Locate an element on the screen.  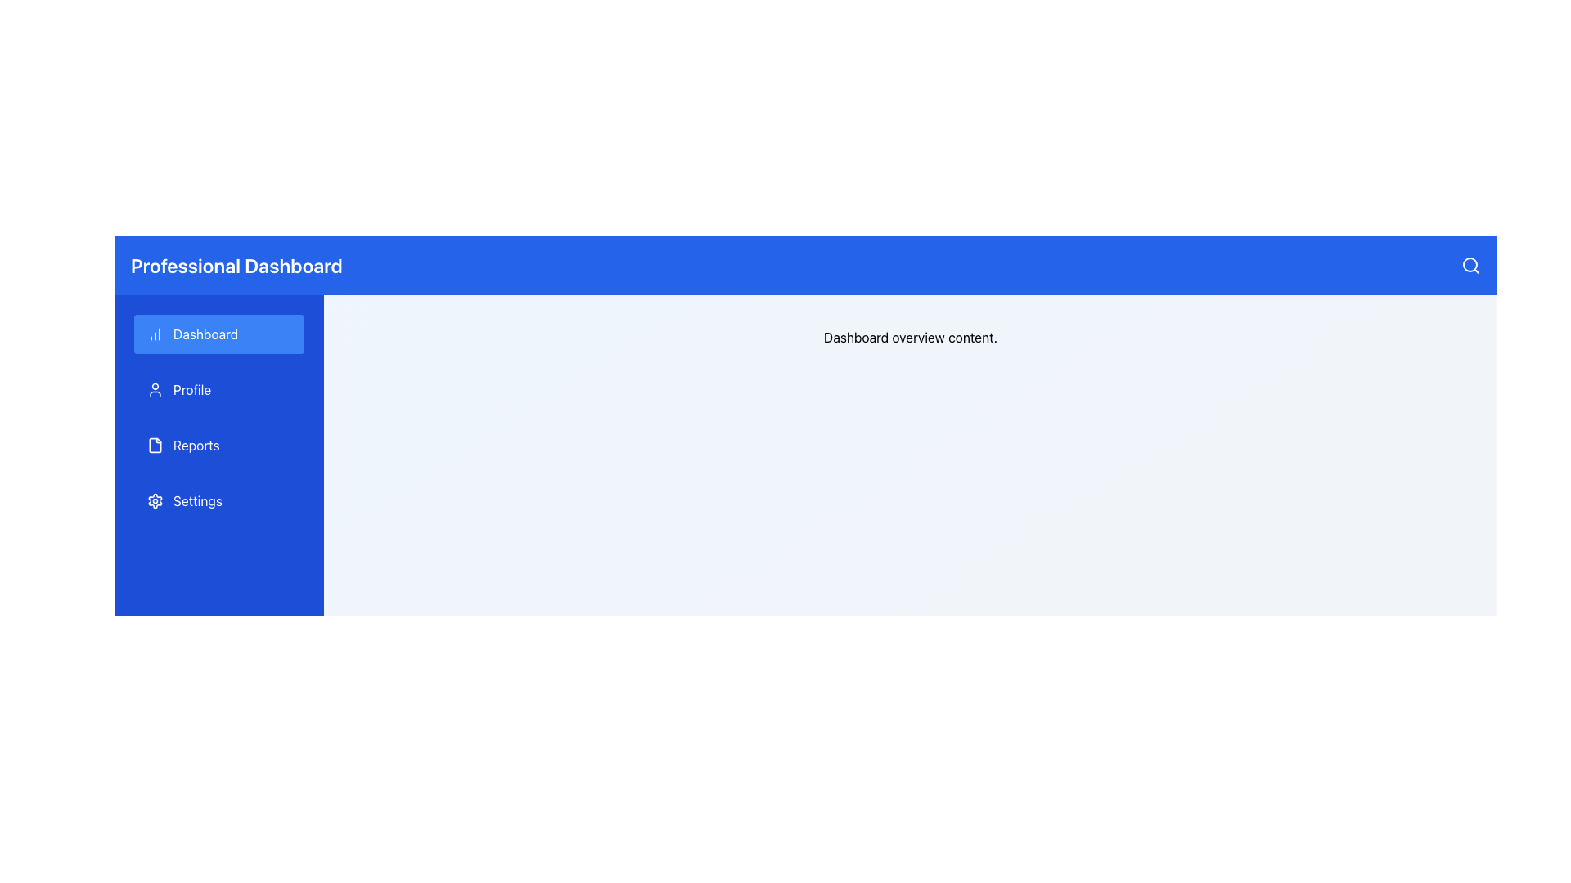
the navigation button located third in the vertical list on the left sidebar is located at coordinates (218, 445).